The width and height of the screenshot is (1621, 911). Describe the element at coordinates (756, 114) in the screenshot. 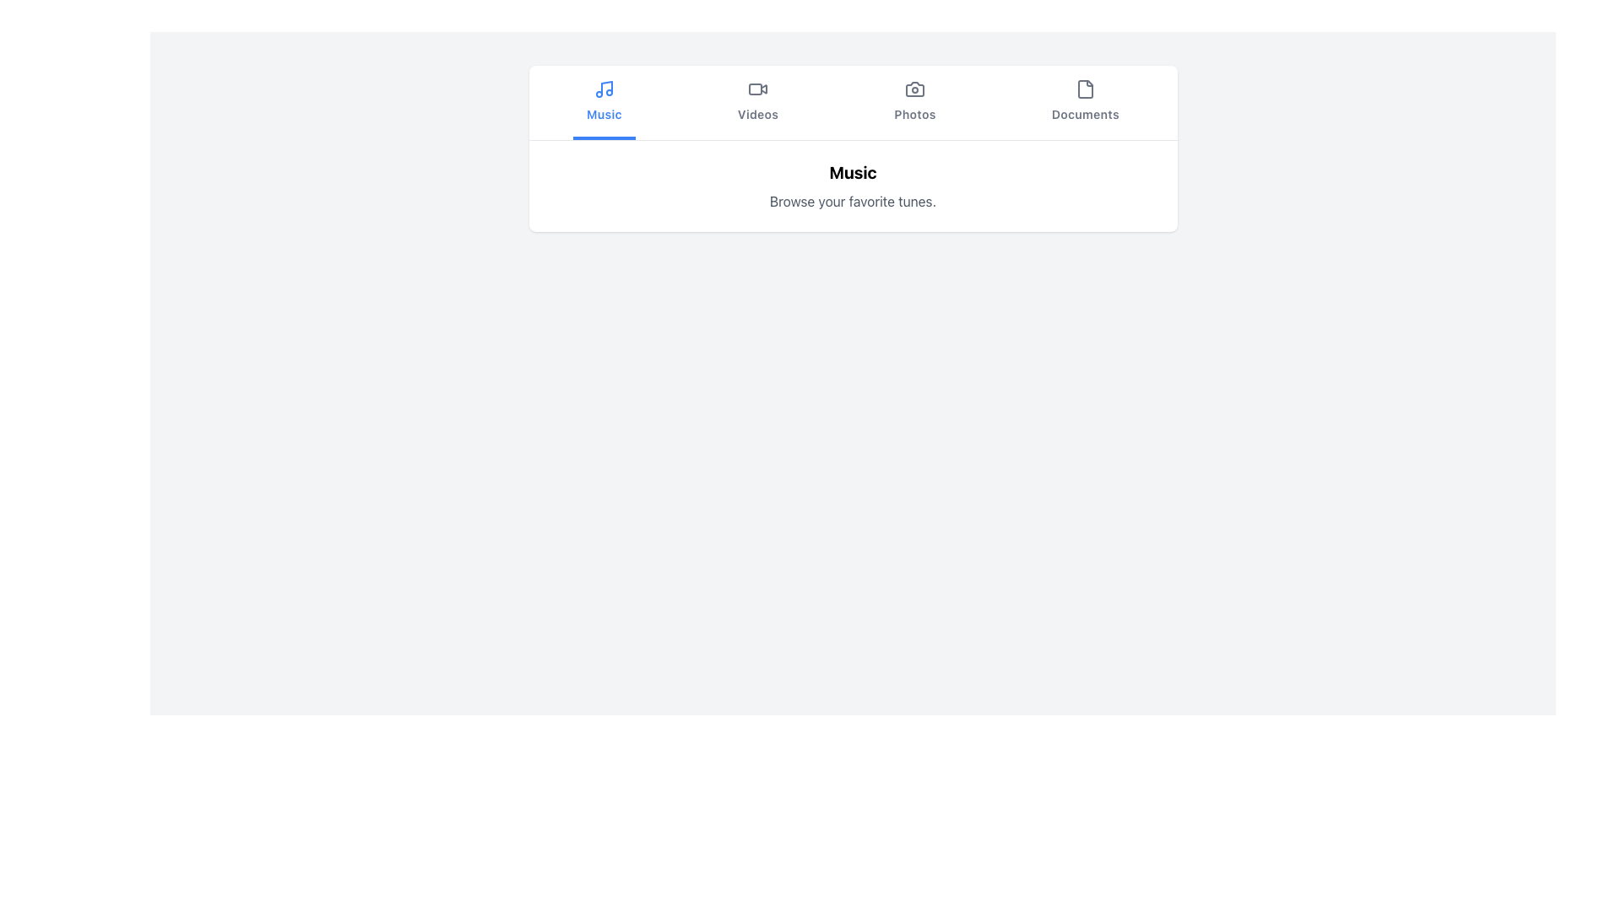

I see `'Videos' text label, which is the second tab in a horizontal row of tabs located at the top center of the page, below a video camera icon` at that location.